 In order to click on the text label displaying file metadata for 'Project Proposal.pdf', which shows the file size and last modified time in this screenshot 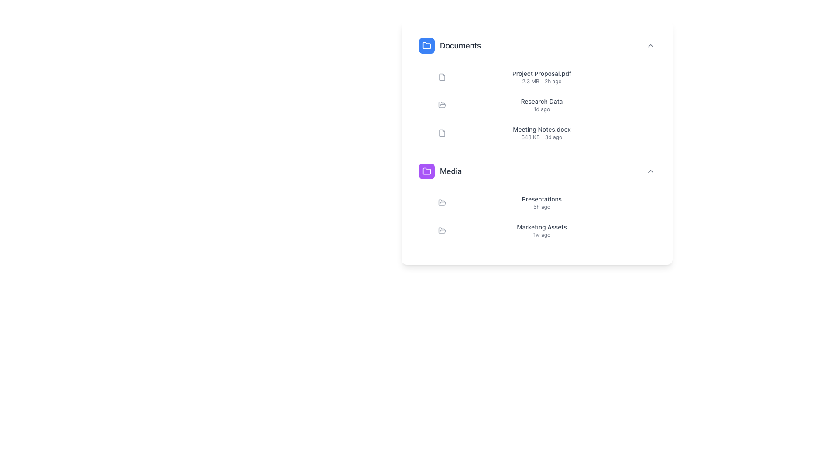, I will do `click(541, 81)`.